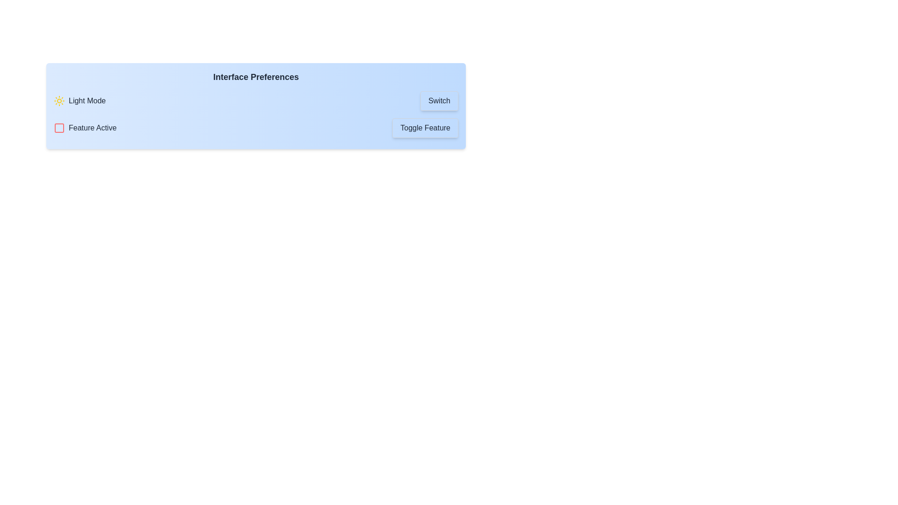 Image resolution: width=898 pixels, height=505 pixels. What do you see at coordinates (85, 128) in the screenshot?
I see `the 'Feature Active' label with icon located to the left of the 'Toggle Feature' button` at bounding box center [85, 128].